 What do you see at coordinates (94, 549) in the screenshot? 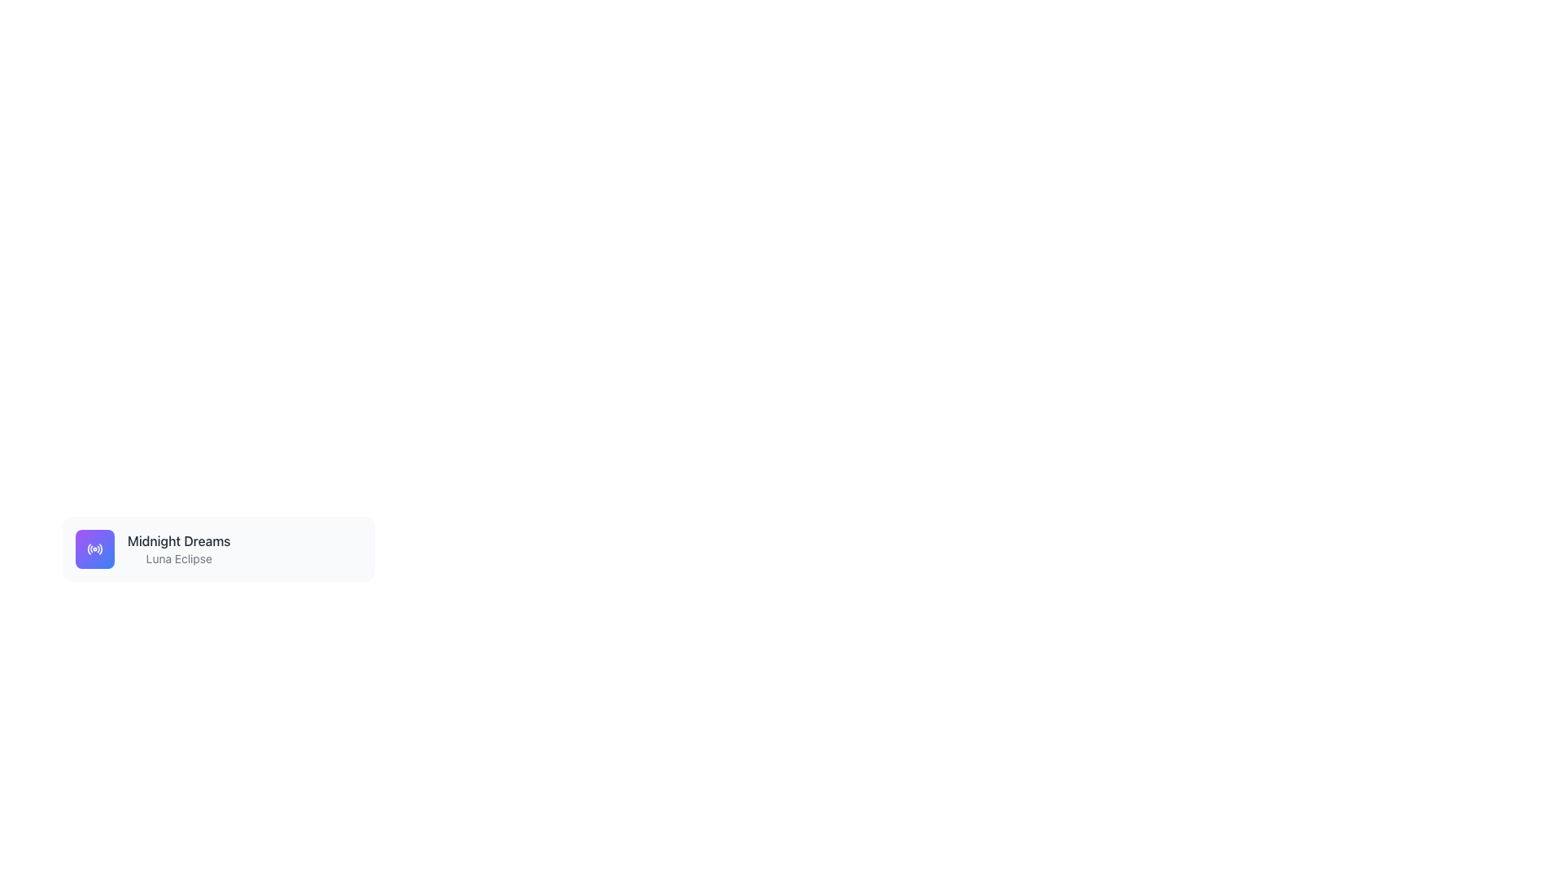
I see `the Icon Button with a purple and blue gradient background, featuring a white radio or signal symbol at its center, located on the left side of the row containing 'Midnight Dreams' and 'Luna Eclipse'` at bounding box center [94, 549].